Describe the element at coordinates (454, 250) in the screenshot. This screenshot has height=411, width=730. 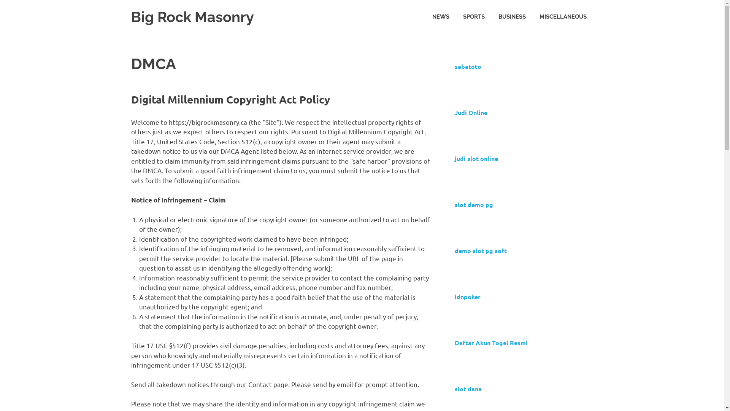
I see `'demo slot pg soft'` at that location.